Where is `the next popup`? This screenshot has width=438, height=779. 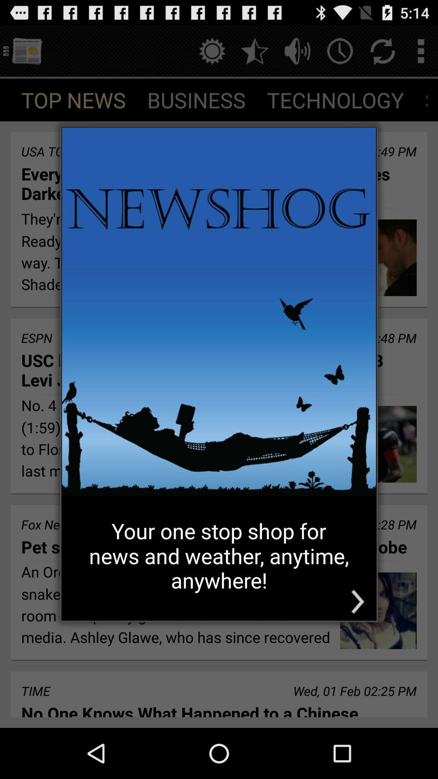
the next popup is located at coordinates (357, 602).